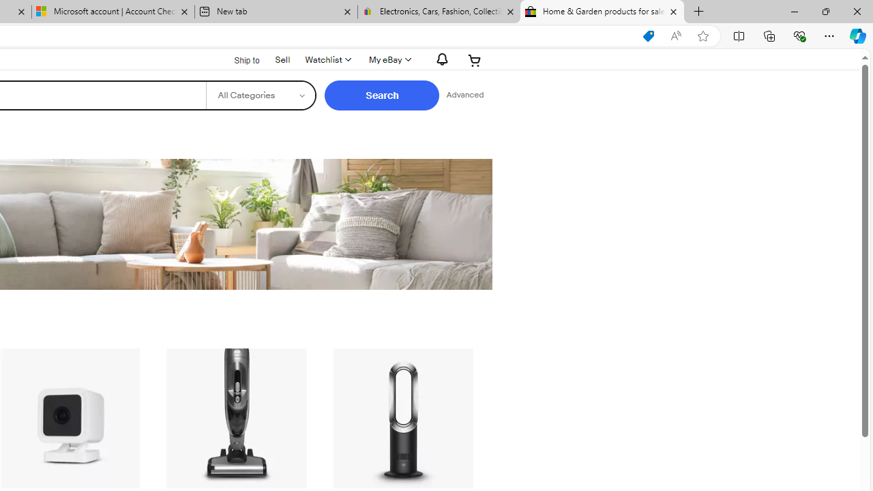 The height and width of the screenshot is (491, 873). I want to click on 'Advanced Search', so click(464, 95).